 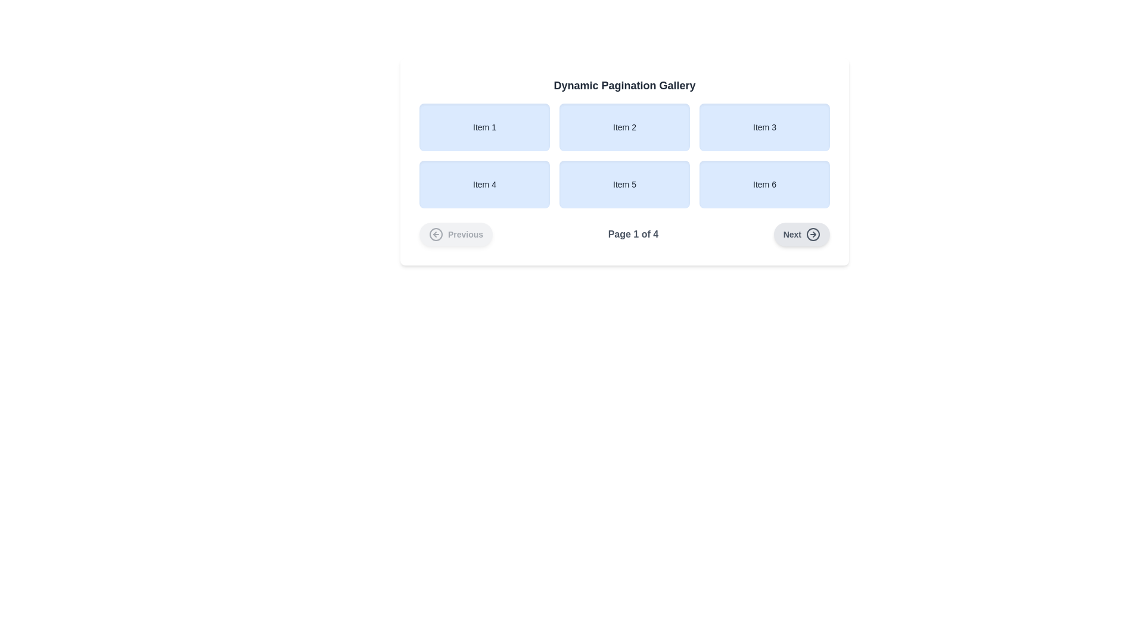 What do you see at coordinates (484, 184) in the screenshot?
I see `the Static information card displaying the label 'Item 4', which is located in the lower-left corner of a grid layout, specifically the first item in the second row` at bounding box center [484, 184].